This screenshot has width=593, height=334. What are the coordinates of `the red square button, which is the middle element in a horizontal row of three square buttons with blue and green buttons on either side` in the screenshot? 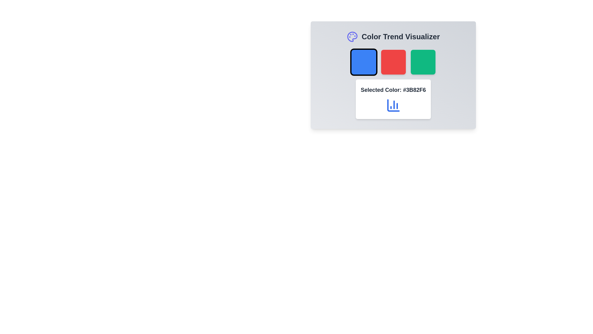 It's located at (393, 62).